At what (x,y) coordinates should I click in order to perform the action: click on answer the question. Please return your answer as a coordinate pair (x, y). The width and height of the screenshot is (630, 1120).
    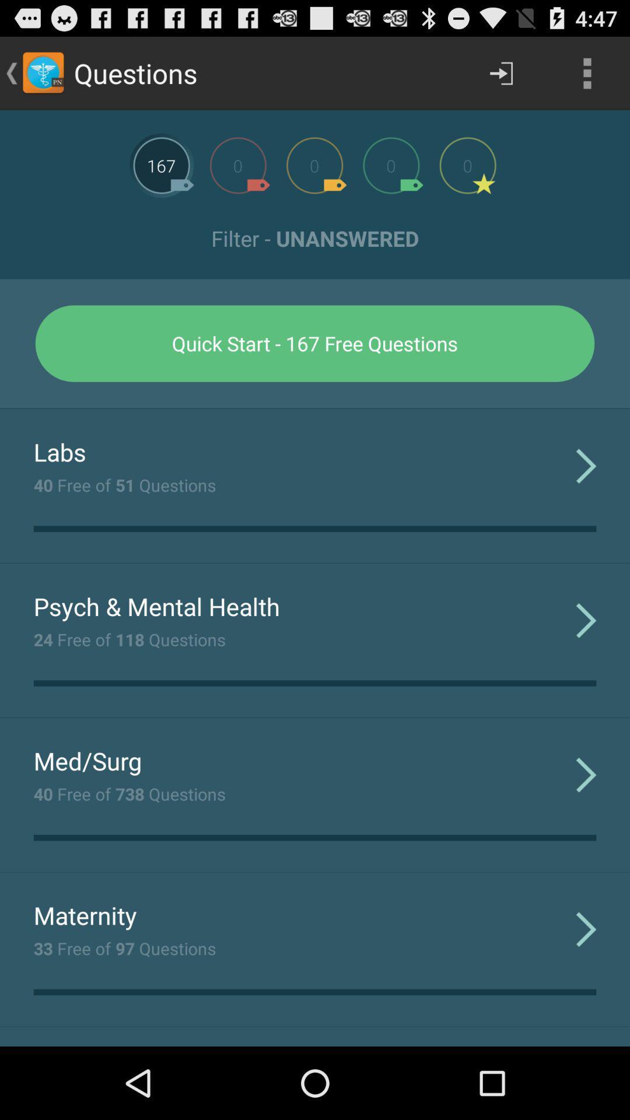
    Looking at the image, I should click on (237, 164).